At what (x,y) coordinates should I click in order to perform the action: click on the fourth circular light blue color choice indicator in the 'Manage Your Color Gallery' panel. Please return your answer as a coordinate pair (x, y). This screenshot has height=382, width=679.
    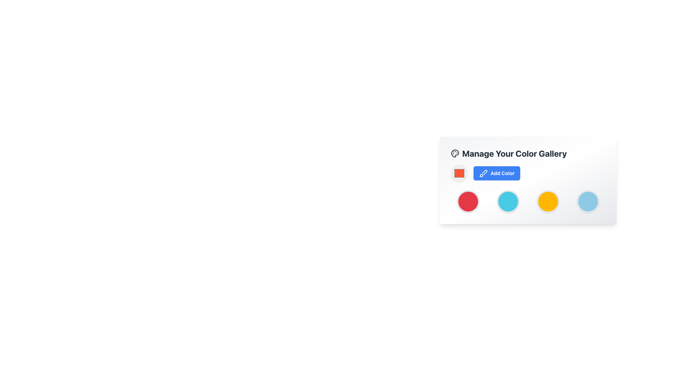
    Looking at the image, I should click on (588, 202).